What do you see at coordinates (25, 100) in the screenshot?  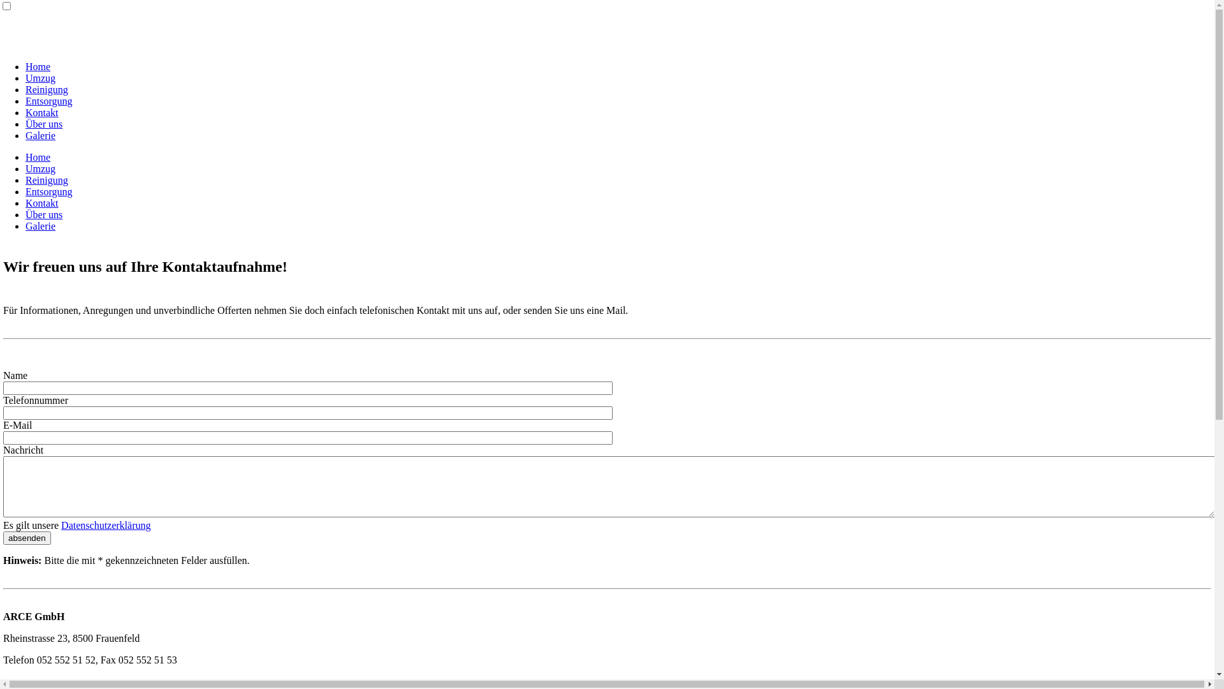 I see `'Entsorgung'` at bounding box center [25, 100].